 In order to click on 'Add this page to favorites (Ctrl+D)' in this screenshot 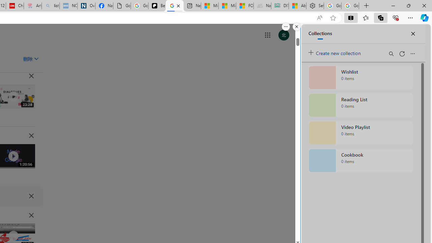, I will do `click(333, 18)`.